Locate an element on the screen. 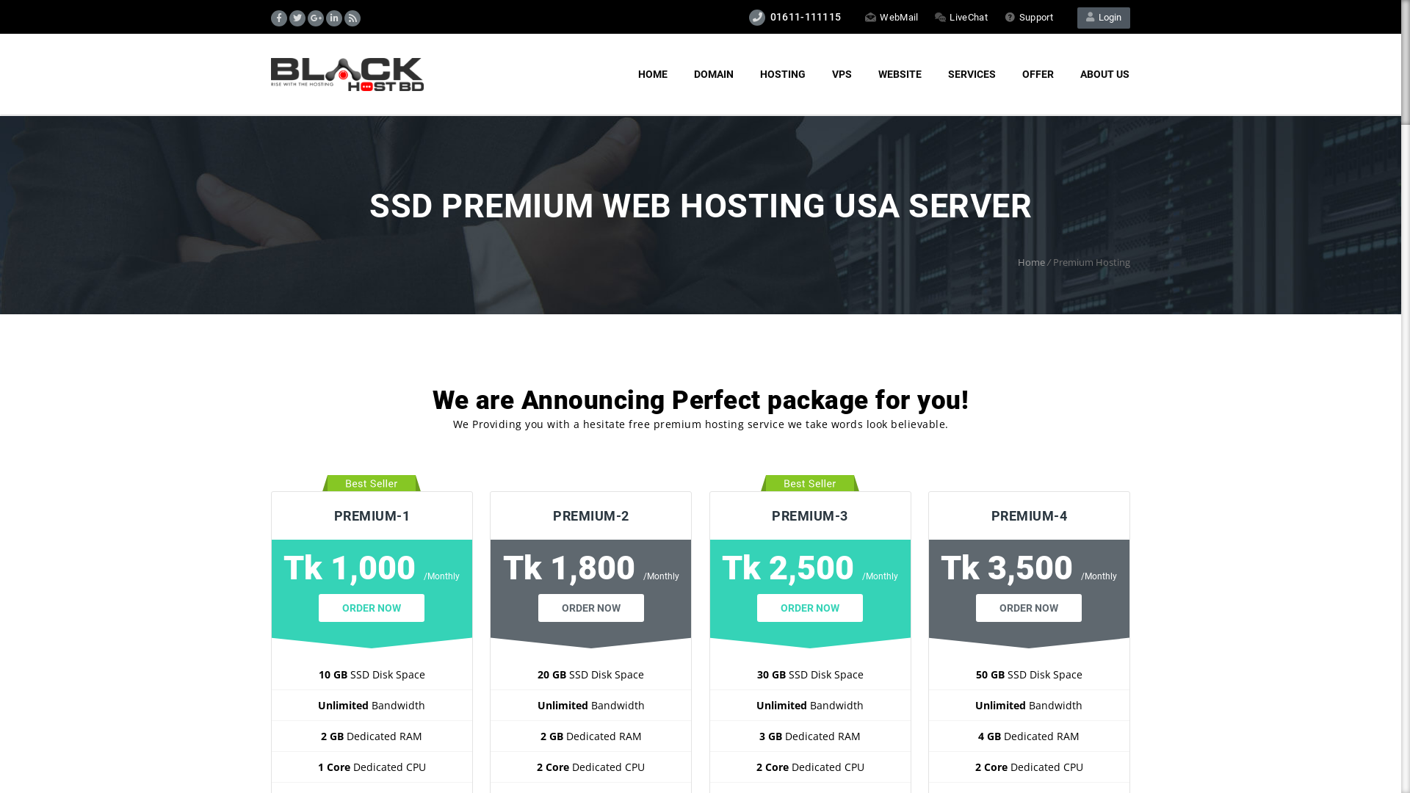  'ABOUT US' is located at coordinates (1104, 74).